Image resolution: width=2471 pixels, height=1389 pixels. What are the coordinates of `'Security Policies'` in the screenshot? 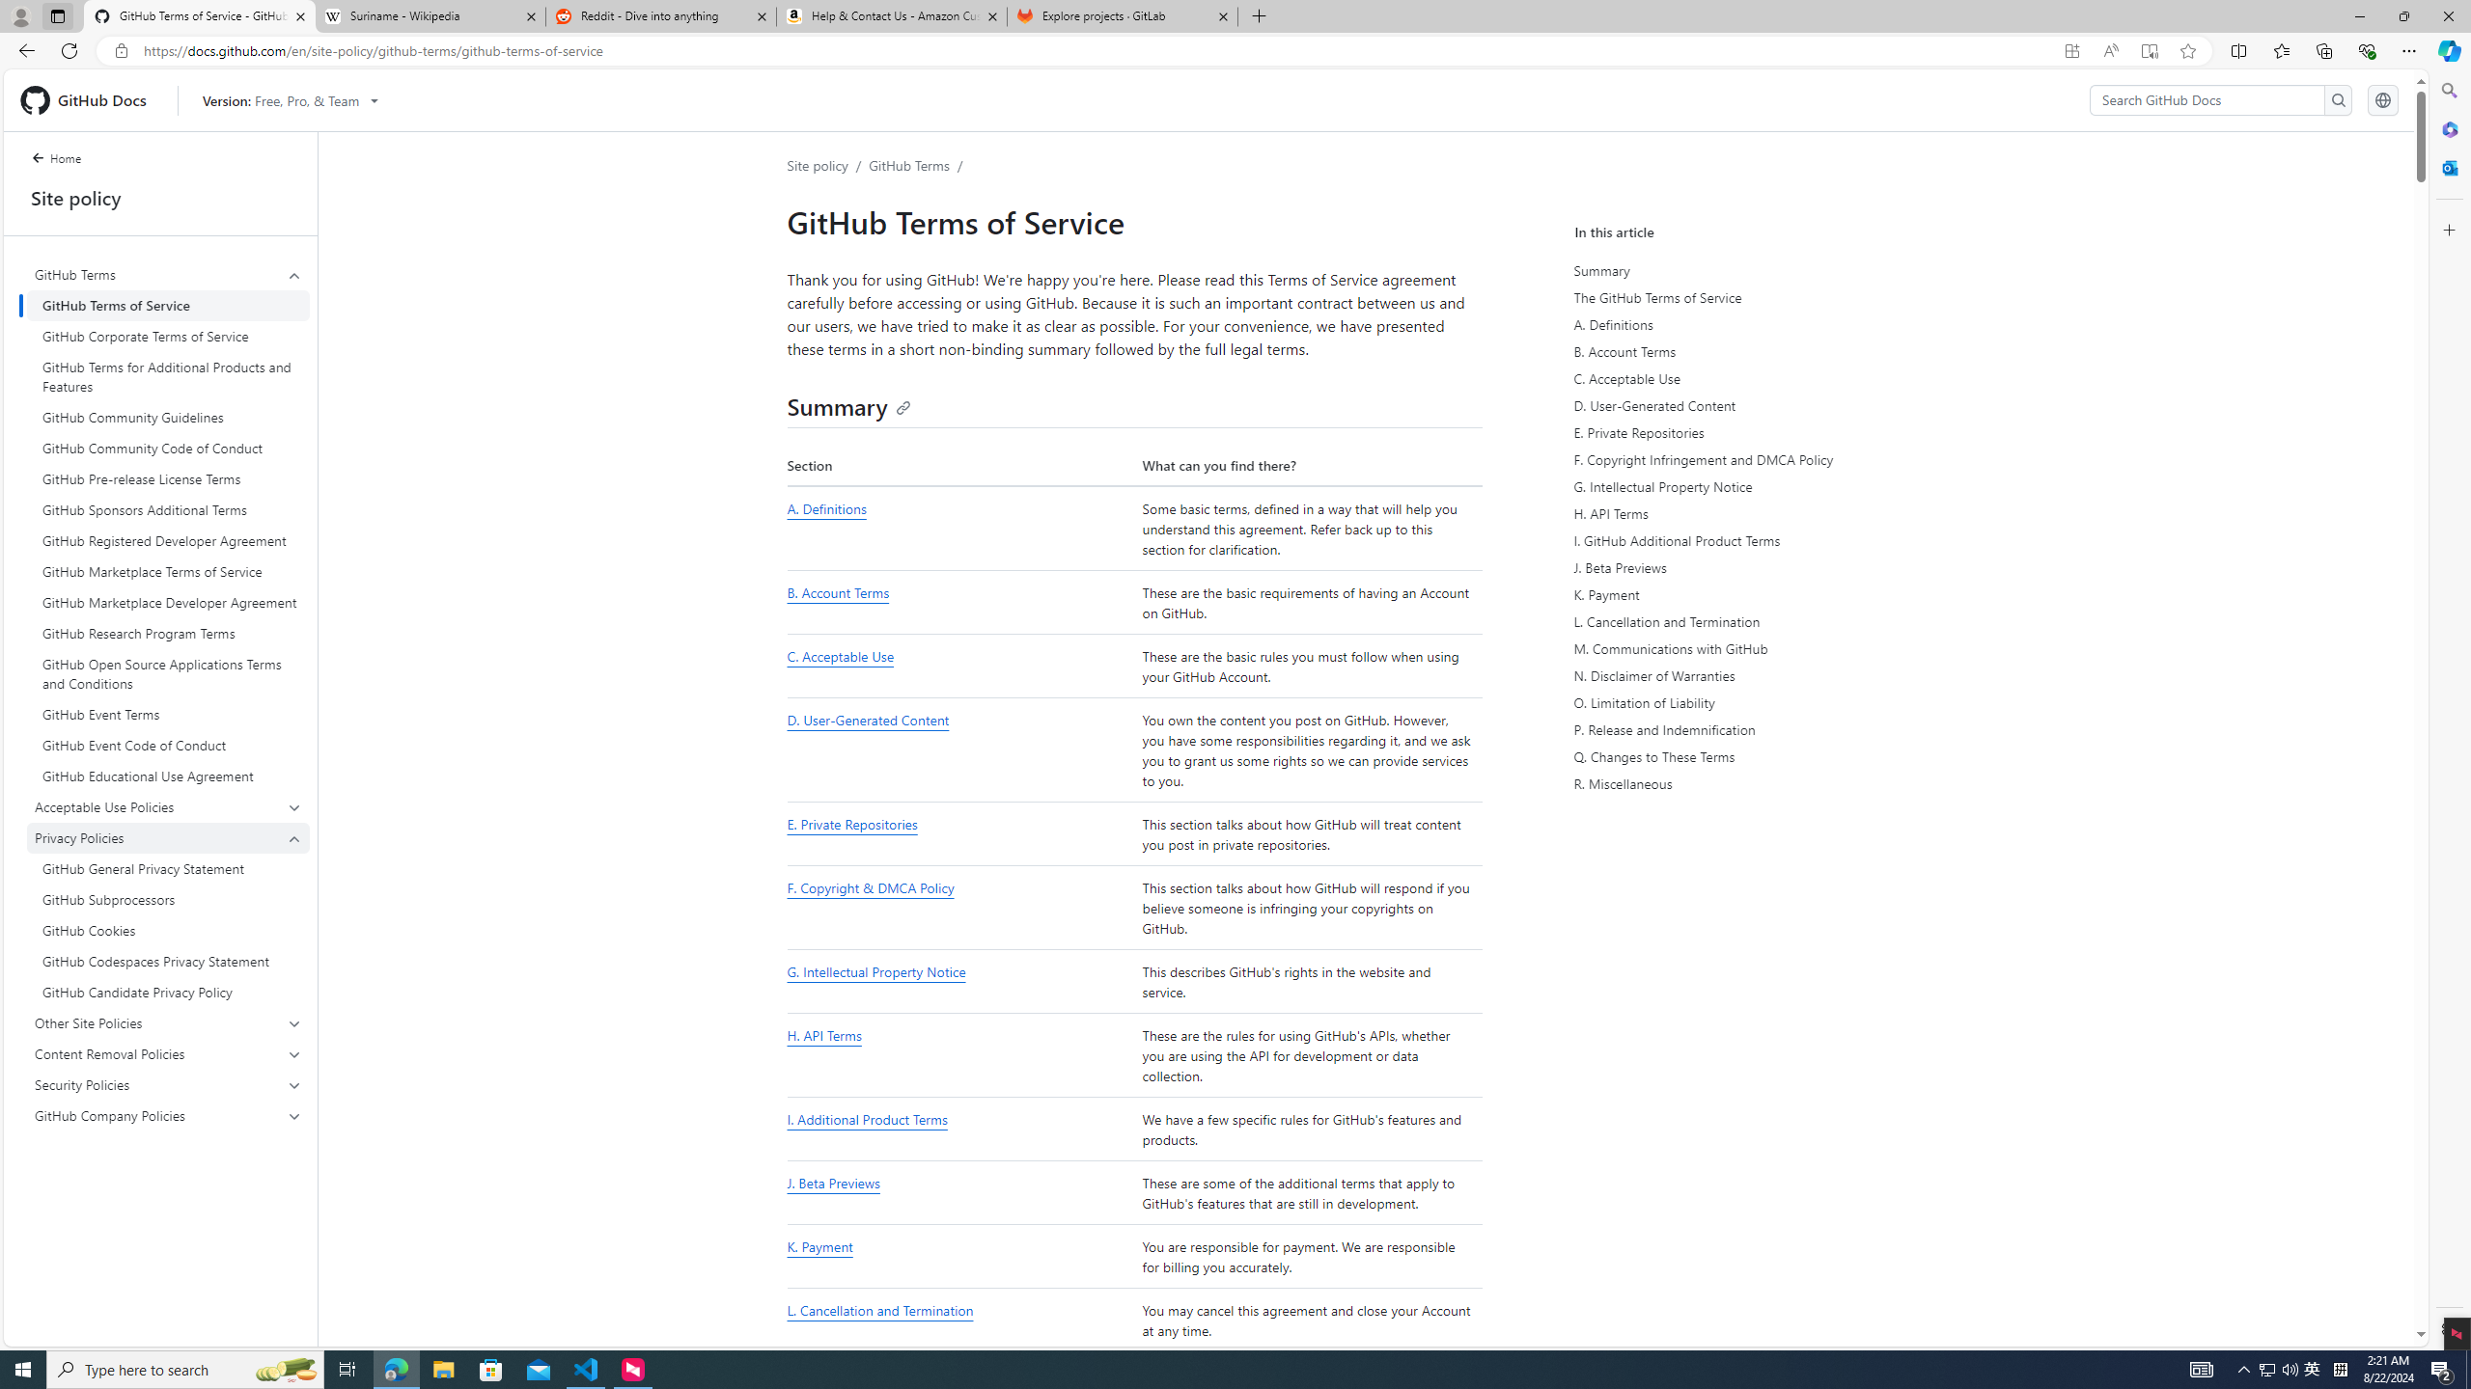 It's located at (168, 1083).